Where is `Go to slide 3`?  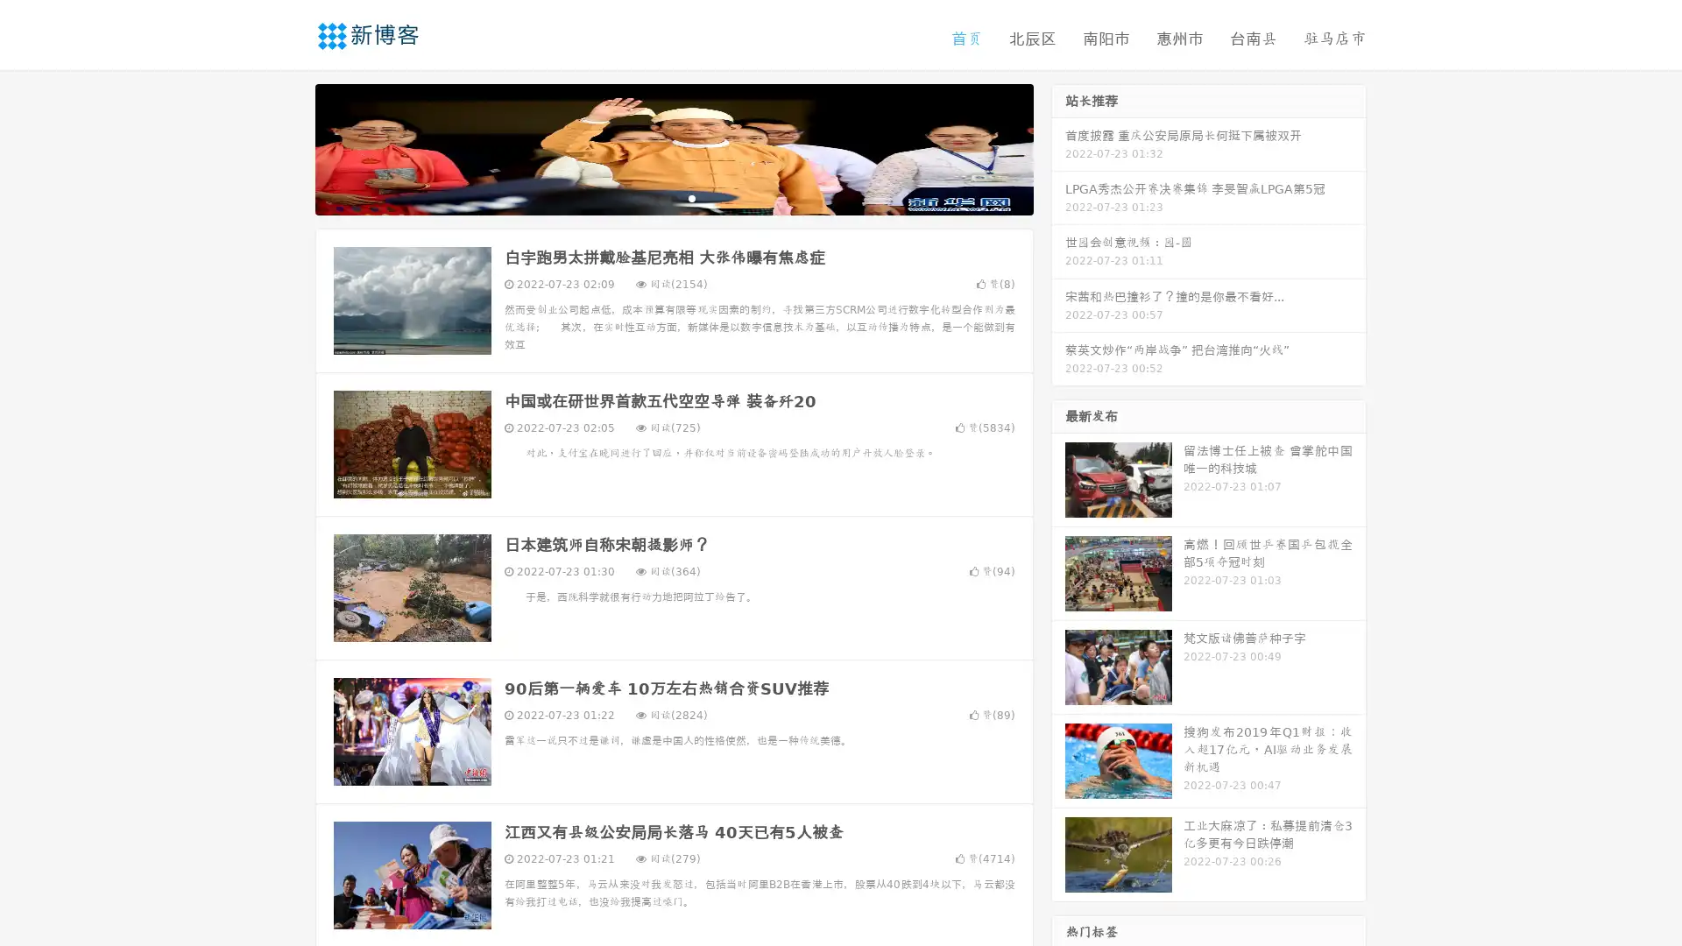 Go to slide 3 is located at coordinates (691, 197).